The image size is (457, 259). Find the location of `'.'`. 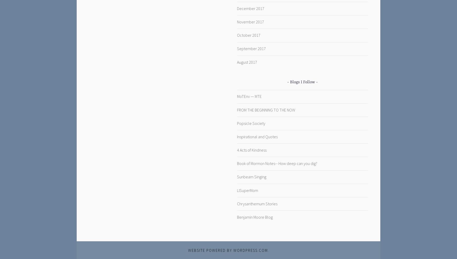

'.' is located at coordinates (268, 250).